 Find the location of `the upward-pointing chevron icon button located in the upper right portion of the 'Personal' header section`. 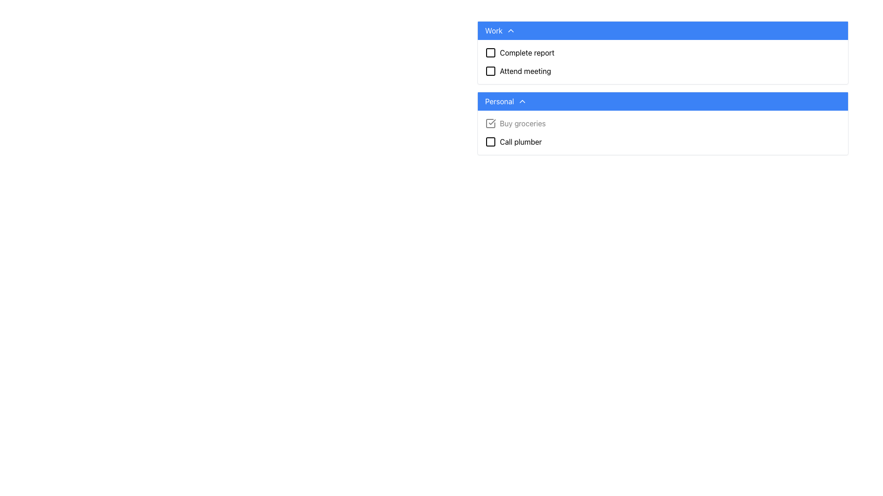

the upward-pointing chevron icon button located in the upper right portion of the 'Personal' header section is located at coordinates (522, 101).